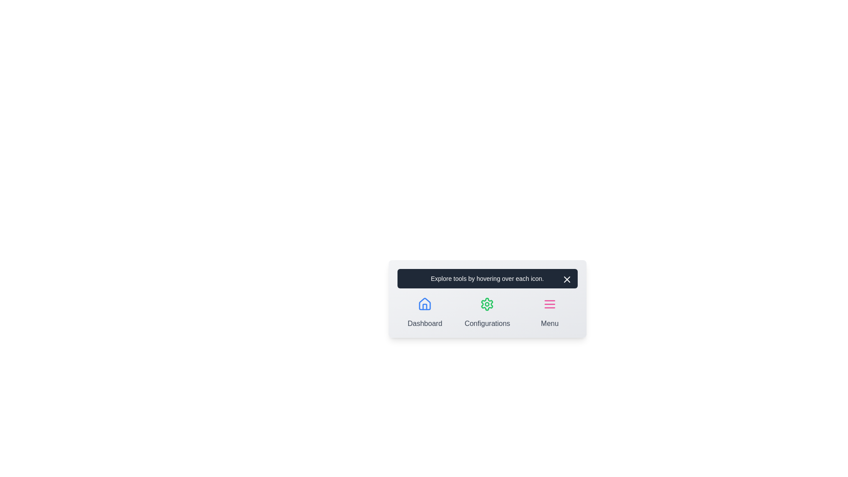 The width and height of the screenshot is (848, 477). What do you see at coordinates (549, 311) in the screenshot?
I see `the pink menu icon with three horizontal lines labeled 'Menu'` at bounding box center [549, 311].